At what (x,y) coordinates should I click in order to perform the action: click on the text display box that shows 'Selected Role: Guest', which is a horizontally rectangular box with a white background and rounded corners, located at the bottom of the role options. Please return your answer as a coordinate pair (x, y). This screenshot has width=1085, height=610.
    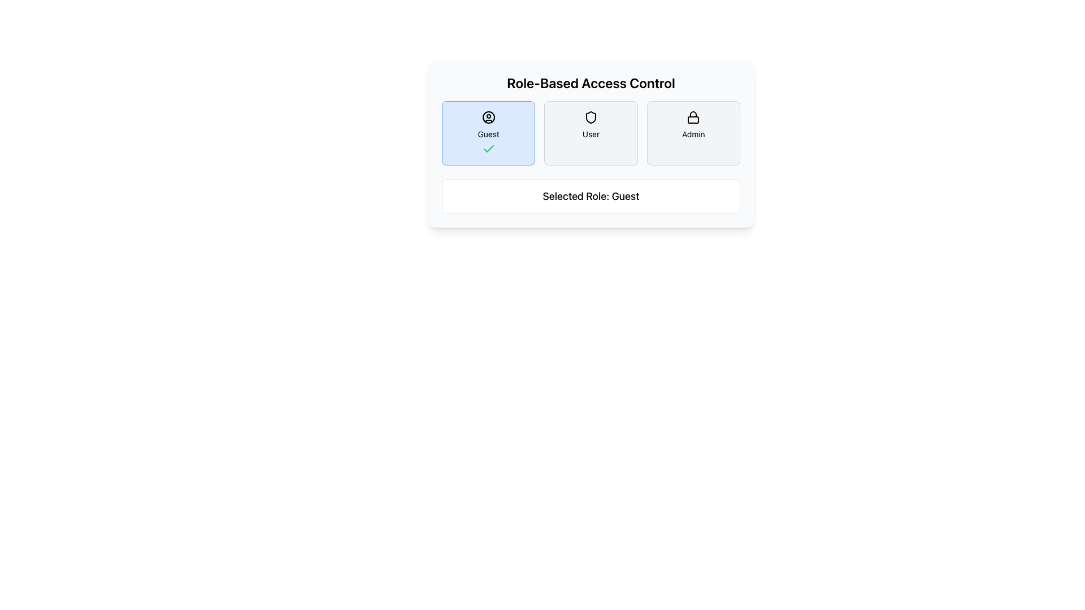
    Looking at the image, I should click on (591, 195).